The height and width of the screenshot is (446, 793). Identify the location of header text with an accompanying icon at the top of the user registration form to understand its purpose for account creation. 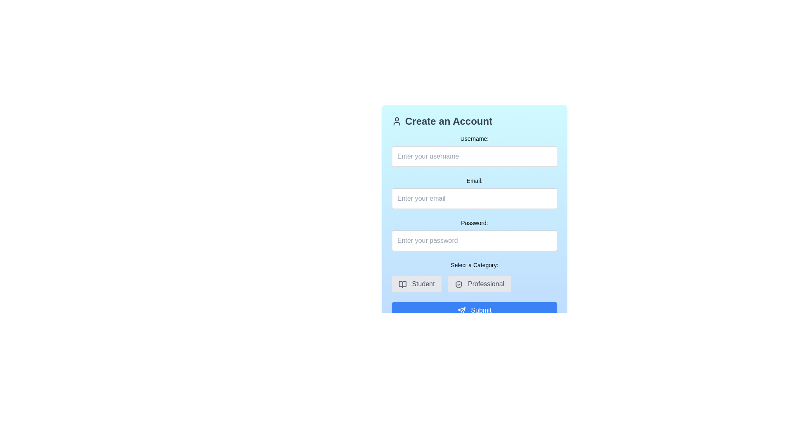
(474, 121).